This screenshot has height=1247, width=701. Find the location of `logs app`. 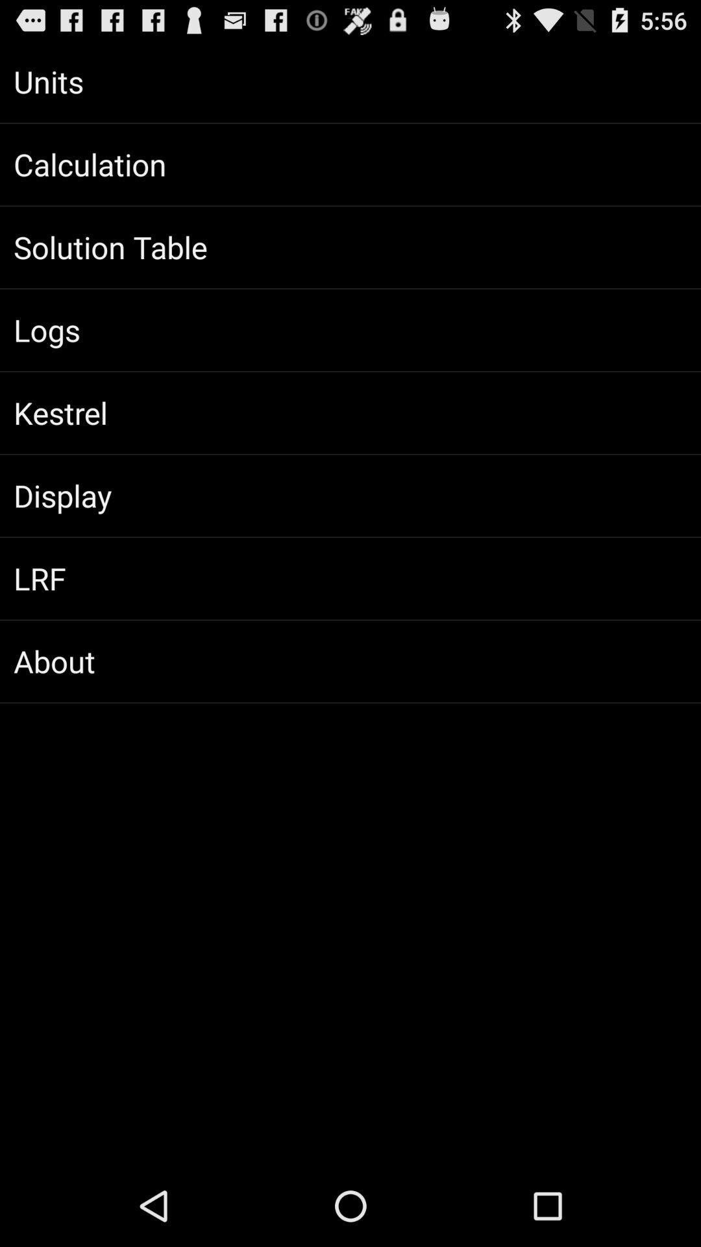

logs app is located at coordinates (350, 330).